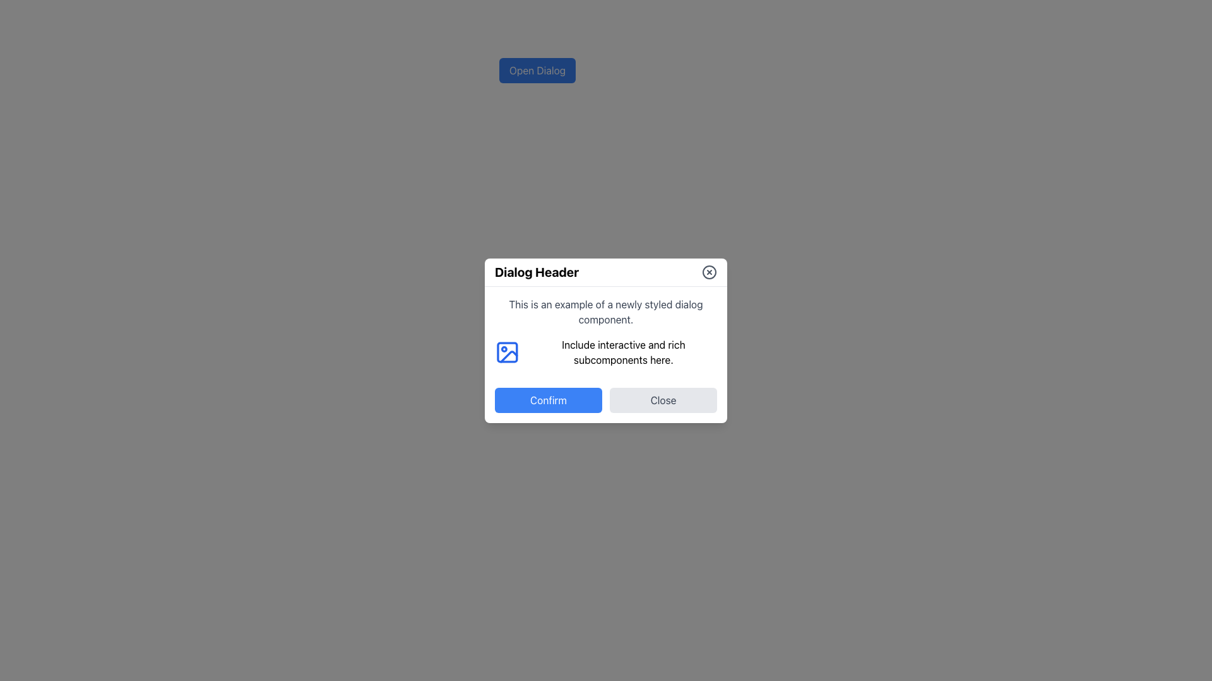 The image size is (1212, 681). Describe the element at coordinates (509, 356) in the screenshot. I see `the graphical icon representing a slanted line with intersecting points, which is located in the left side of the dialog box, below the header text and above the action buttons` at that location.